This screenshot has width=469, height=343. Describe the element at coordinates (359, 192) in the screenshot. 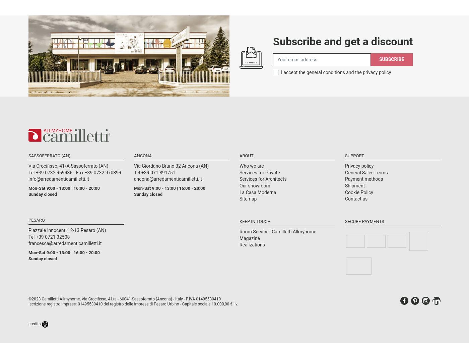

I see `'Cookie Policy'` at that location.